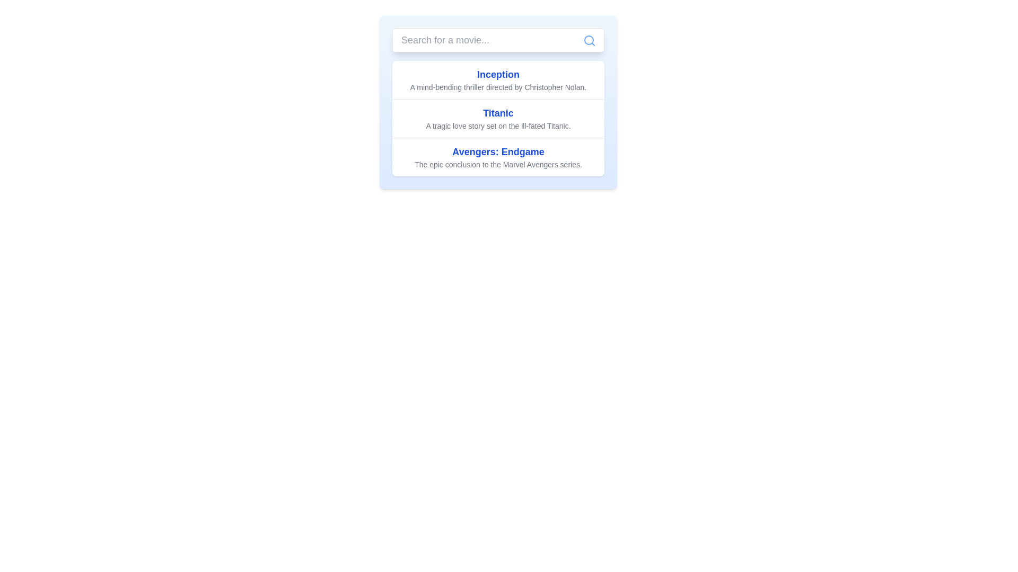 The height and width of the screenshot is (572, 1018). I want to click on the first movie description text block that displays the title and description, positioned below the search bar, before the entries for 'Titanic' and 'Avengers: Endgame.', so click(498, 79).